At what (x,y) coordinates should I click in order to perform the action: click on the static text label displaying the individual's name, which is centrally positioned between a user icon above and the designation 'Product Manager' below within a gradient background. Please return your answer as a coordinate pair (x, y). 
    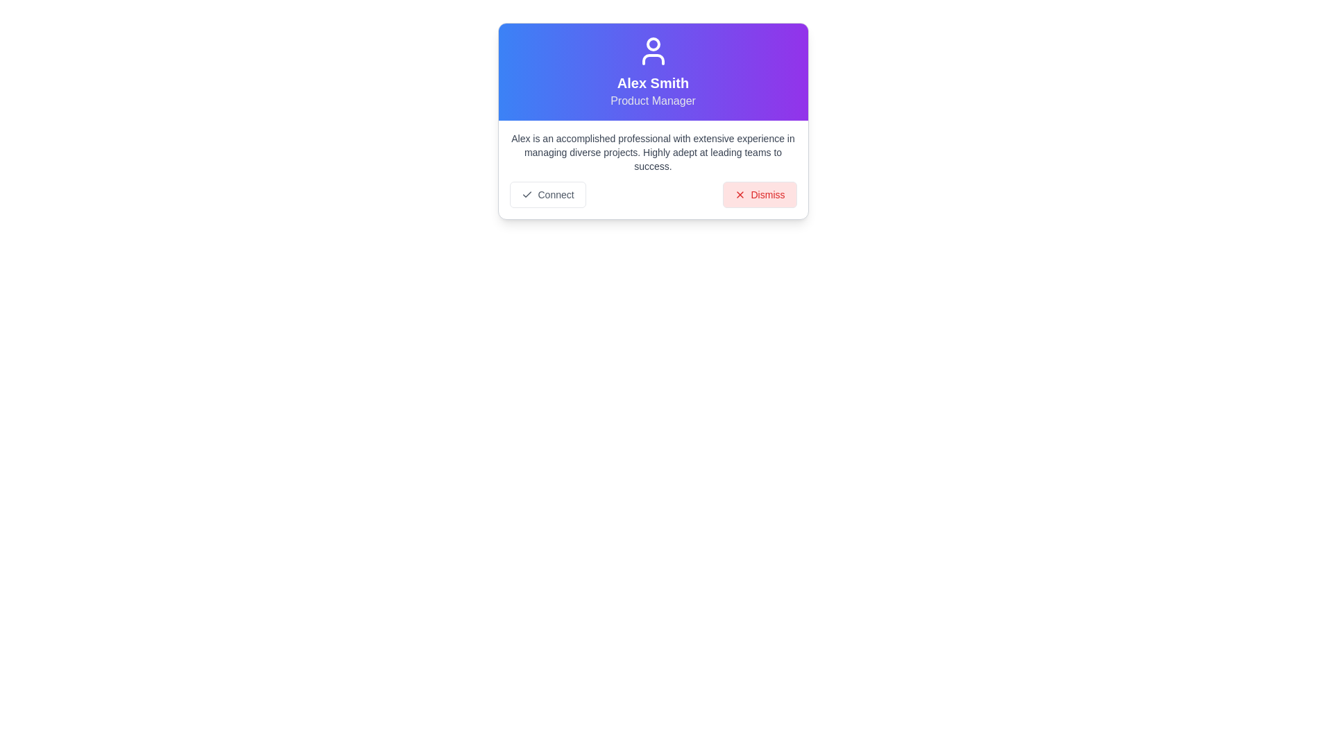
    Looking at the image, I should click on (652, 83).